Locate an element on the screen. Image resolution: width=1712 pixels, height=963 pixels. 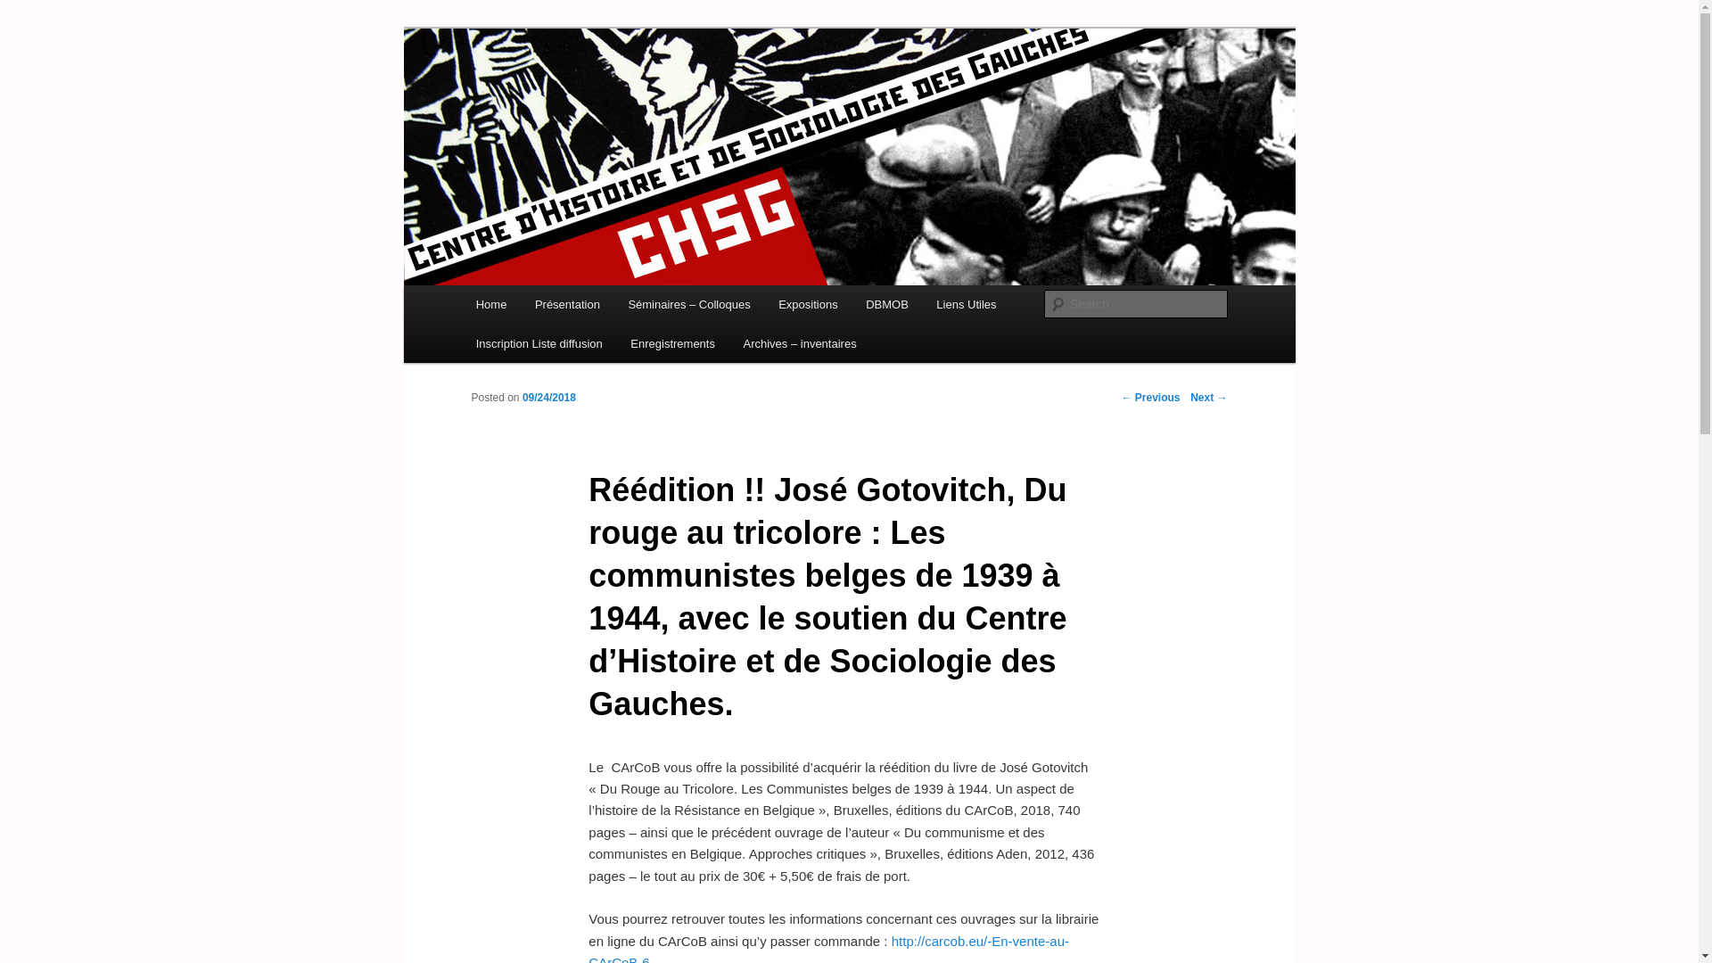
'Home' is located at coordinates (491, 303).